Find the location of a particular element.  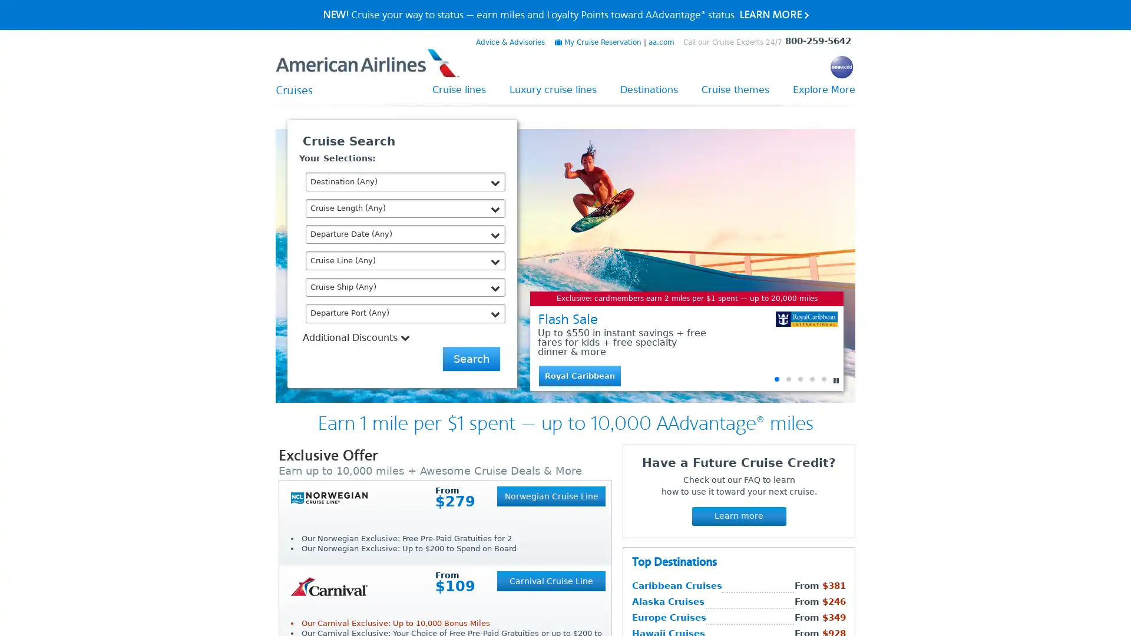

Pause is located at coordinates (835, 380).